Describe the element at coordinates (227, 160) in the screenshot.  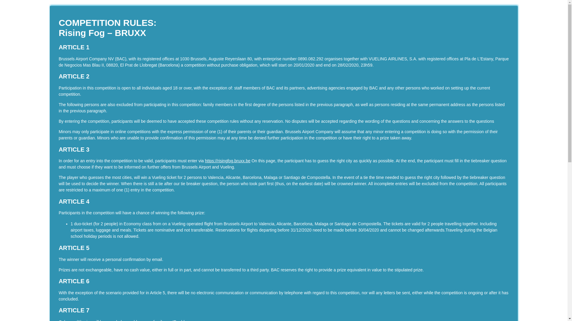
I see `'https://risingfog.bruxx.be'` at that location.